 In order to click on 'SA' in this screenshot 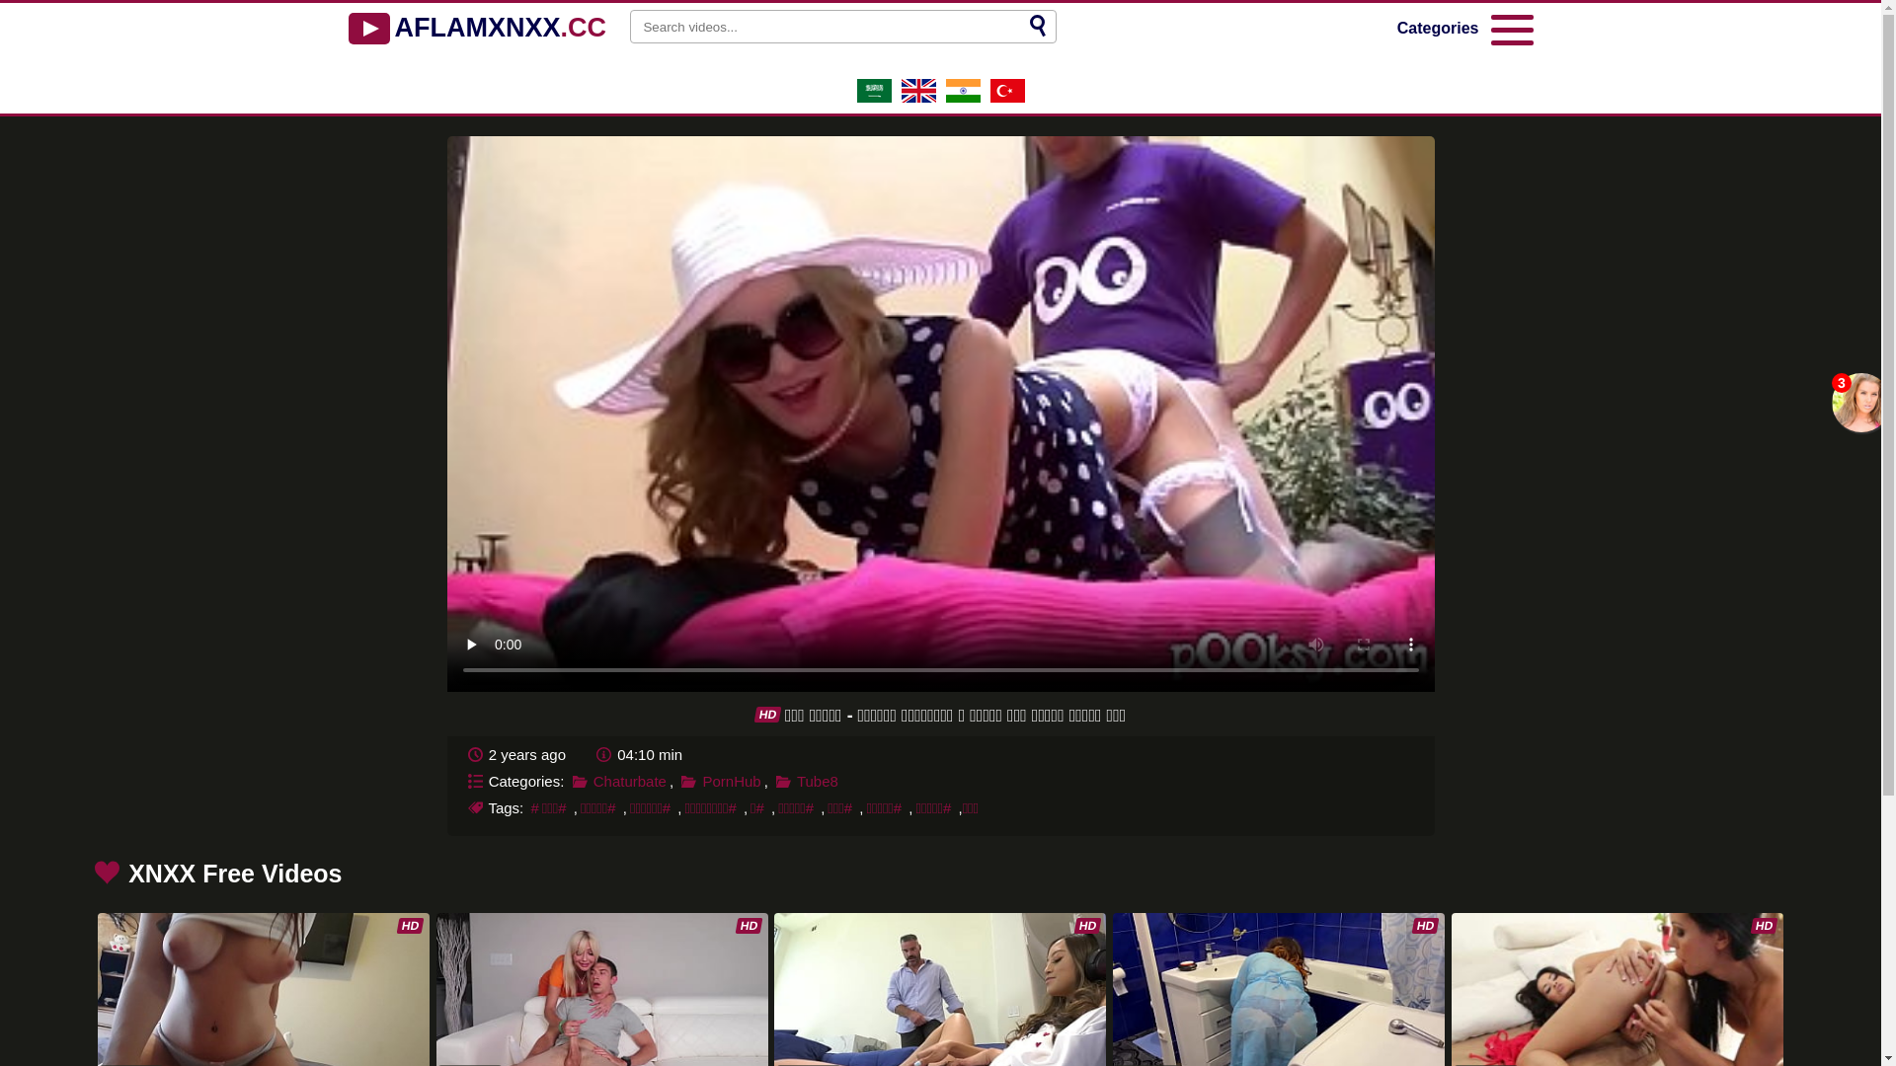, I will do `click(873, 97)`.